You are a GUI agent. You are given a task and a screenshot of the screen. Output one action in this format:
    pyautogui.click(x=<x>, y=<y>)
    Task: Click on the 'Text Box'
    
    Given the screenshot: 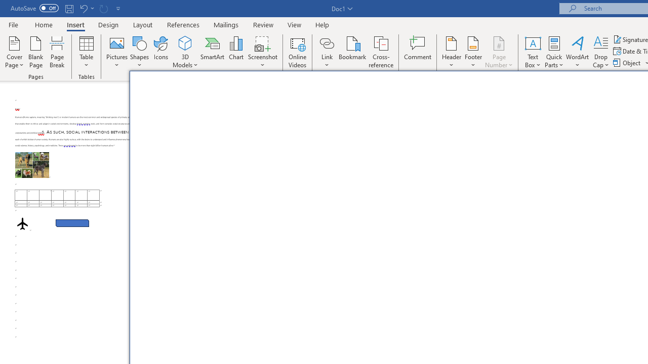 What is the action you would take?
    pyautogui.click(x=532, y=52)
    